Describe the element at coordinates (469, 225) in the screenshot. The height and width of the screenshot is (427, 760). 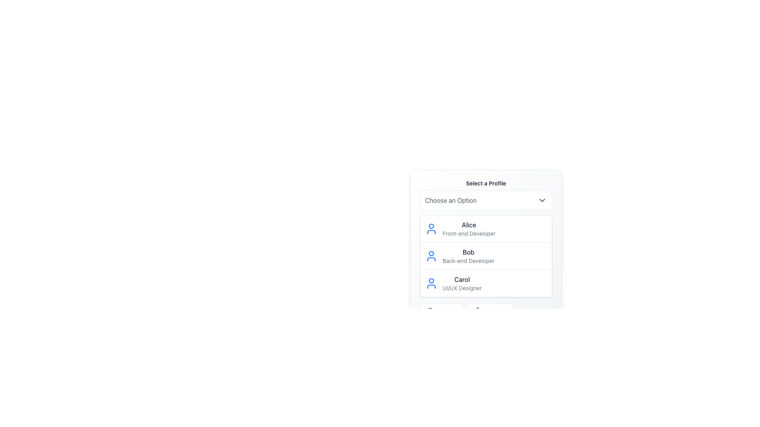
I see `the Static Text Label that represents the profile name 'Alice' in the profile selection list, located under the heading 'Select a Profile'` at that location.